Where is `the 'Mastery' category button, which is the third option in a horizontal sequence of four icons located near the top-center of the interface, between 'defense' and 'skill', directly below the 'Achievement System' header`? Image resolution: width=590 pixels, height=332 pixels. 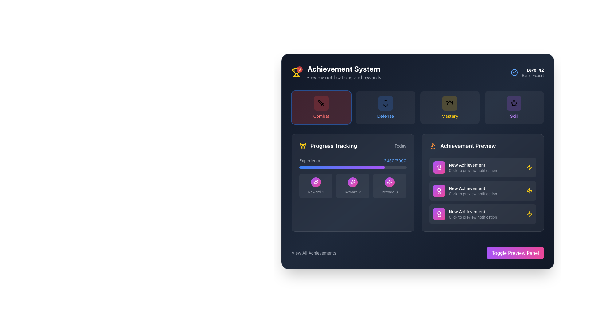
the 'Mastery' category button, which is the third option in a horizontal sequence of four icons located near the top-center of the interface, between 'defense' and 'skill', directly below the 'Achievement System' header is located at coordinates (450, 107).